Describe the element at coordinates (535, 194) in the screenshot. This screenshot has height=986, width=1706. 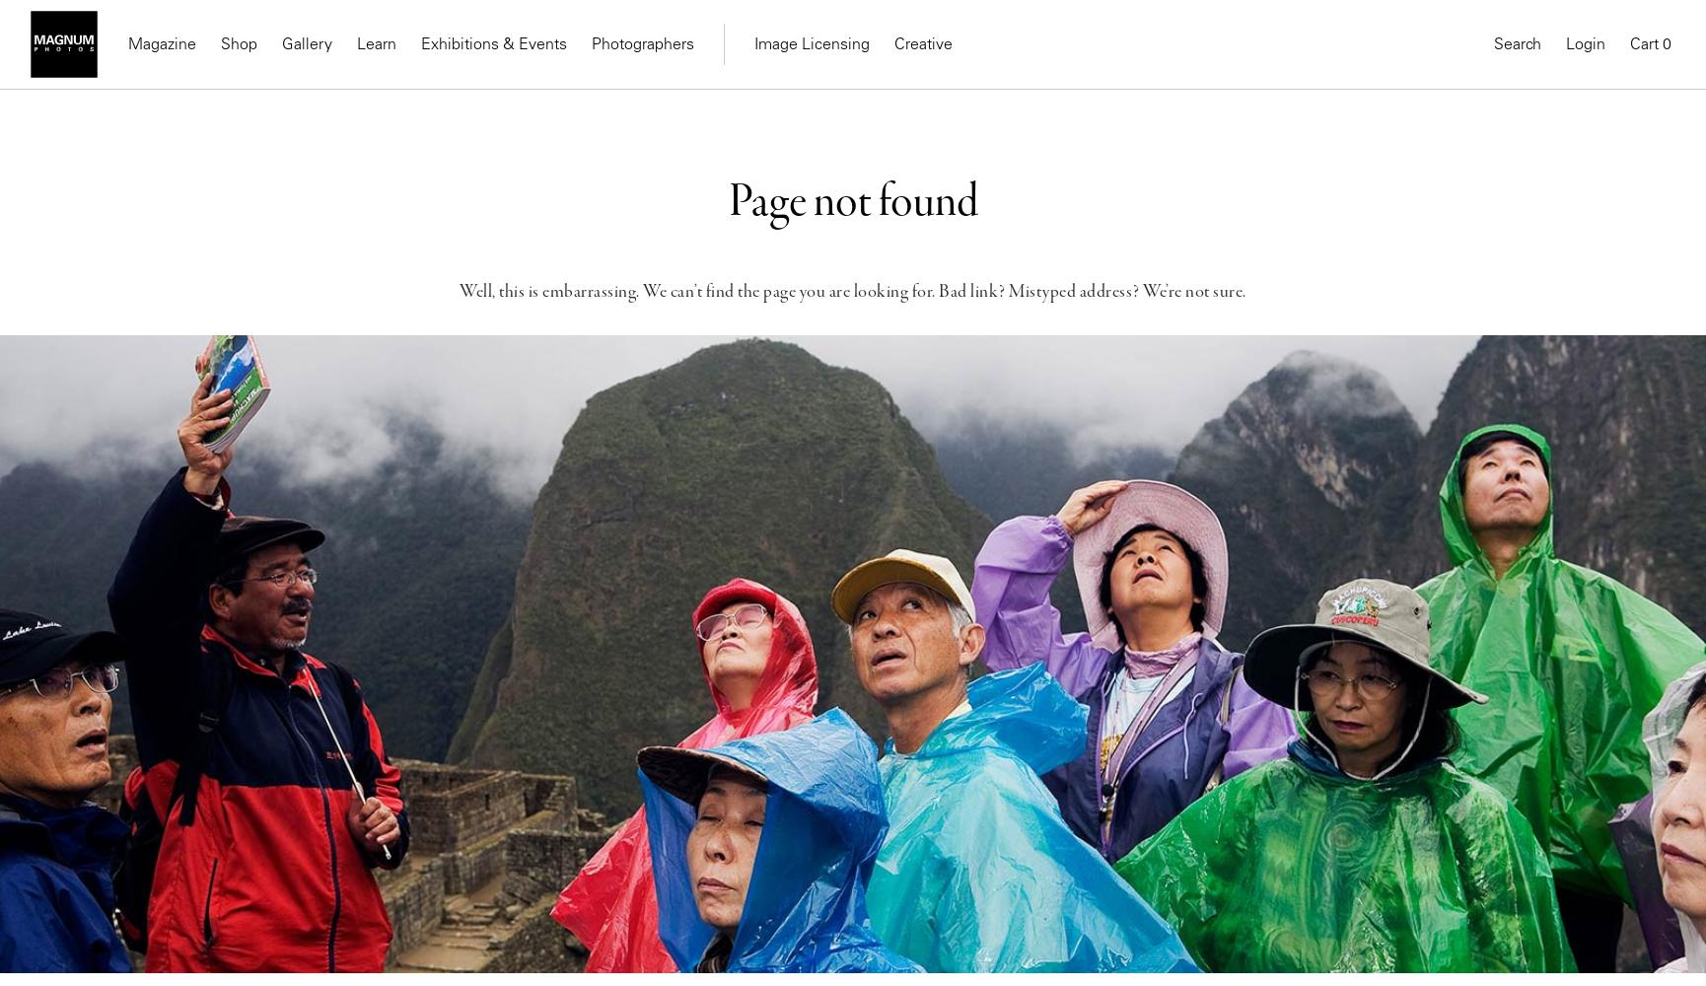
I see `'8x10" & Contact Sheet Pairings'` at that location.